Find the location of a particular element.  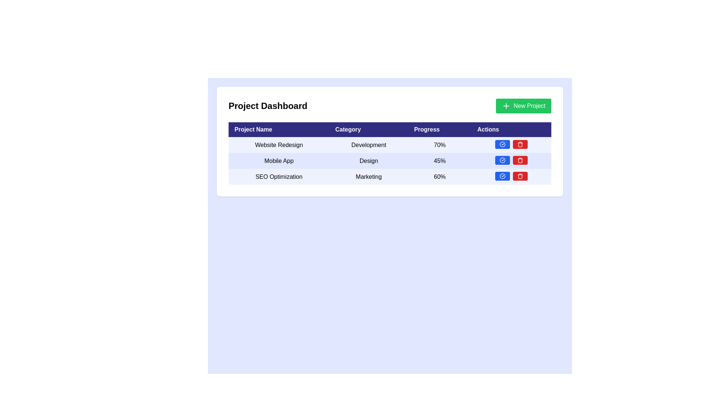

the confirmation icon button located in the 'Actions' column of the second row in the table is located at coordinates (502, 160).